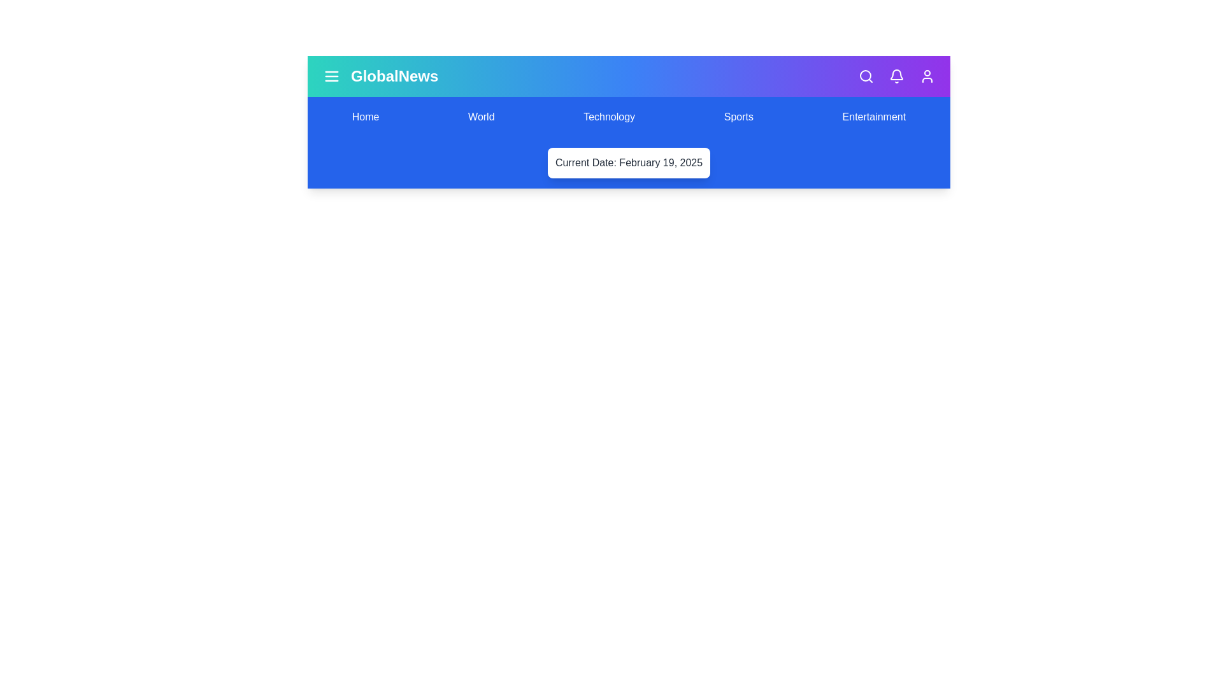 The image size is (1223, 688). I want to click on the search icon to initiate a search, so click(866, 76).